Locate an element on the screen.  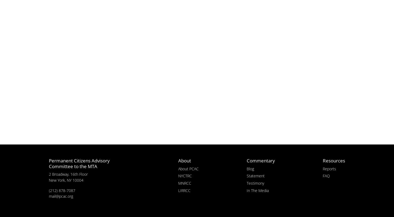
'MNRCC' is located at coordinates (185, 183).